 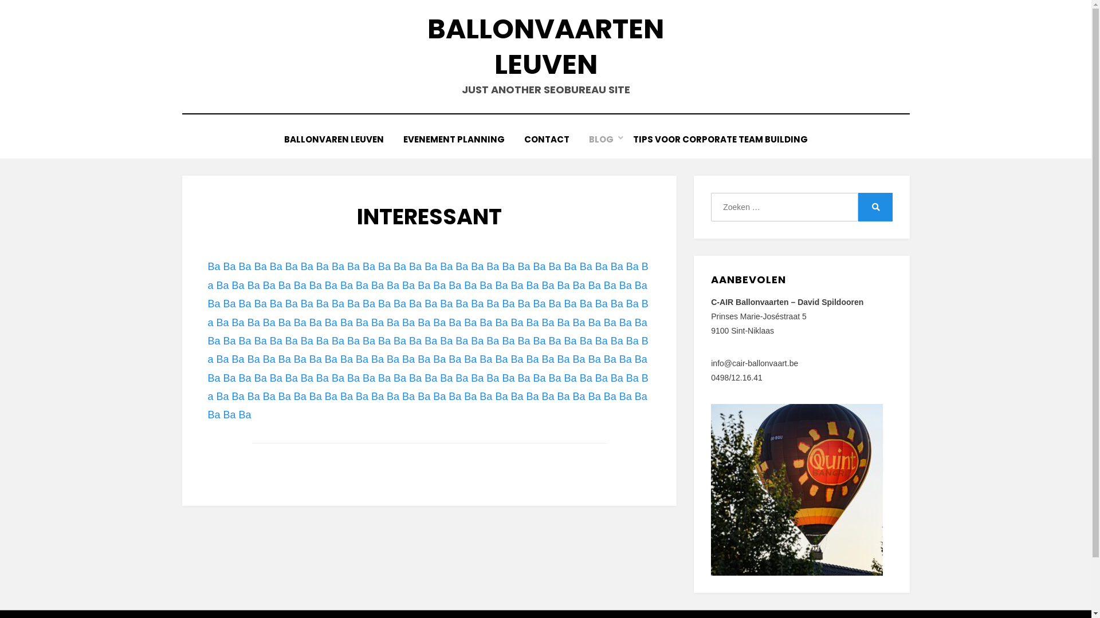 What do you see at coordinates (238, 322) in the screenshot?
I see `'Ba'` at bounding box center [238, 322].